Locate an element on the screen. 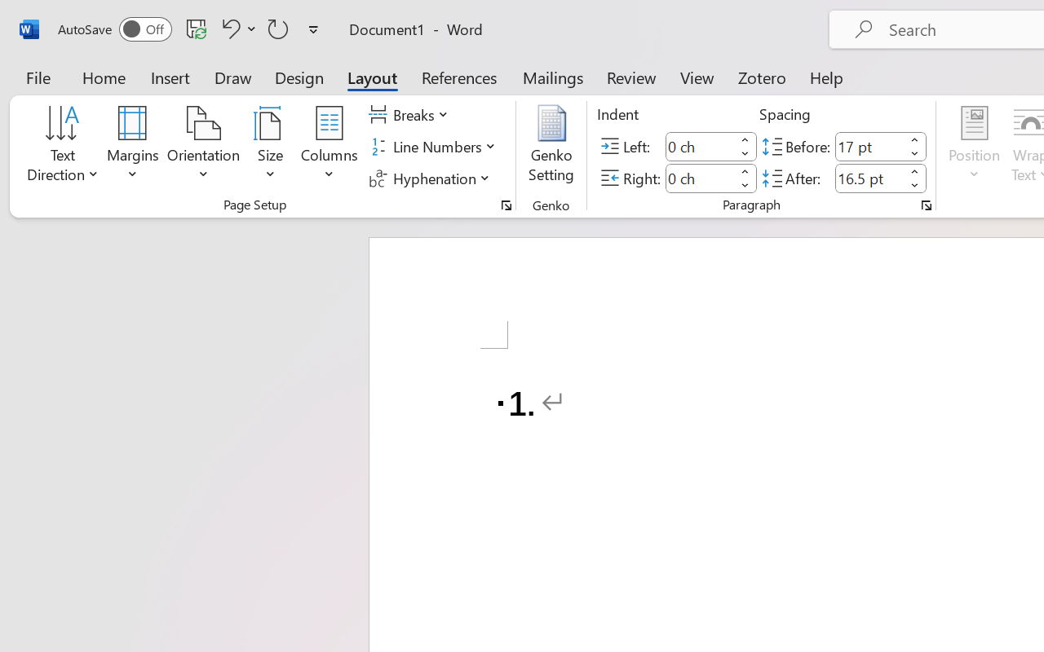 The image size is (1044, 652). 'Undo Number Default' is located at coordinates (236, 28).